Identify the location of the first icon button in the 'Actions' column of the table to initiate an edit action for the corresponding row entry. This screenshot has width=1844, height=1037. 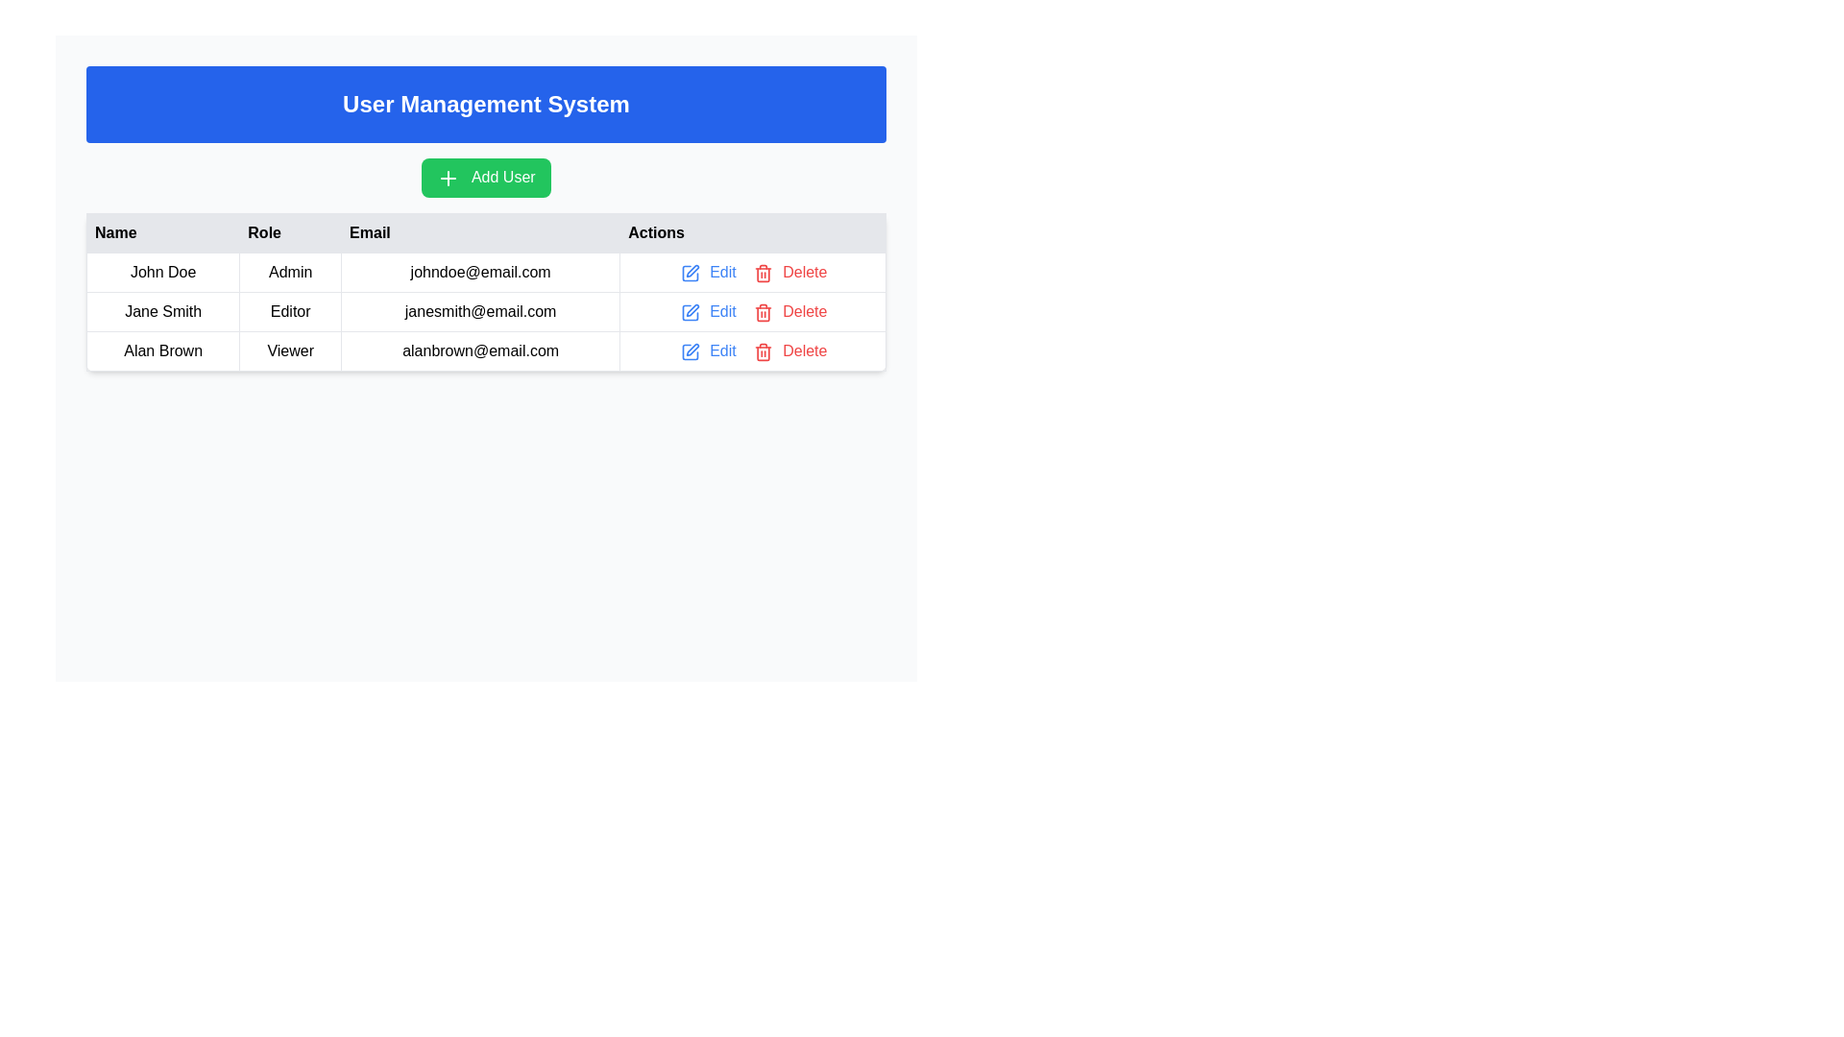
(690, 273).